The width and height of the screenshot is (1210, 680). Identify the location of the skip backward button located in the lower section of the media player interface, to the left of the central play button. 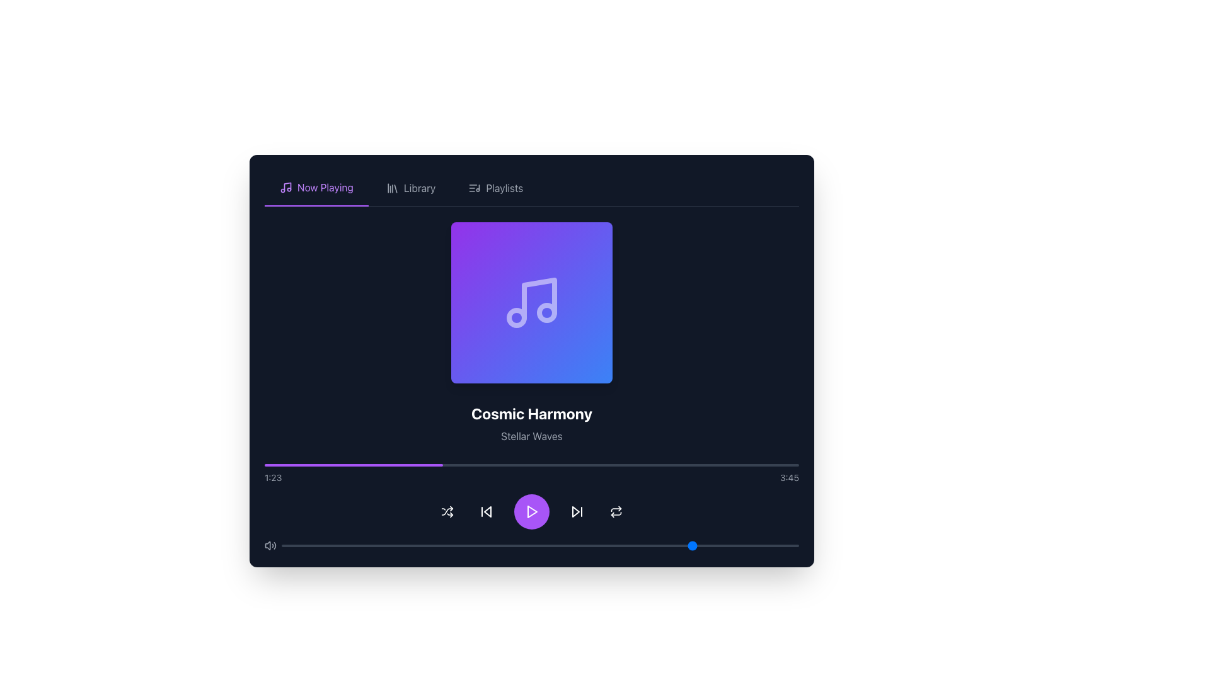
(486, 512).